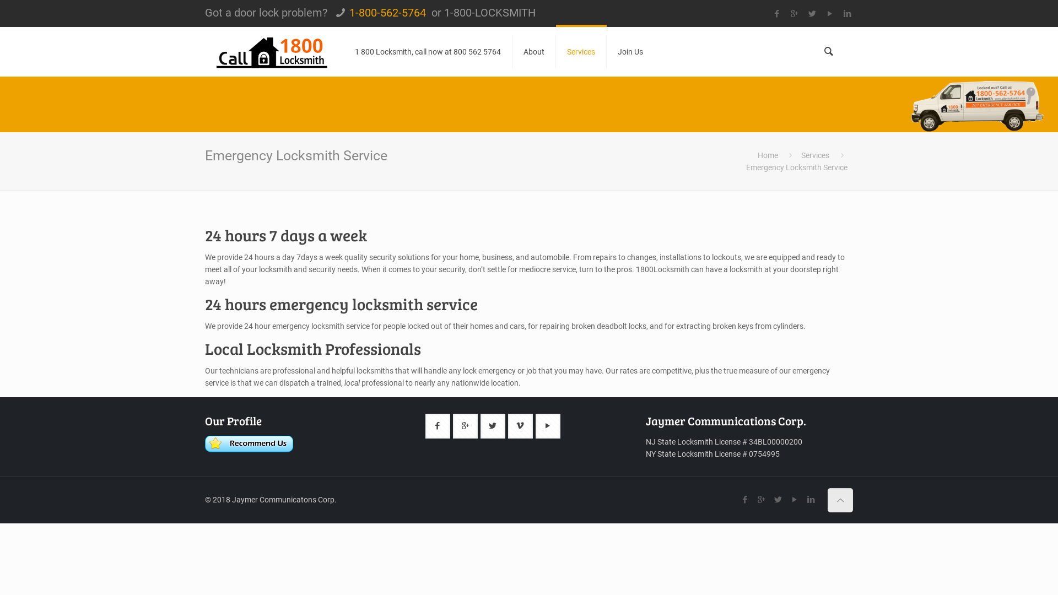 The image size is (1058, 595). I want to click on 'Twitter', so click(777, 499).